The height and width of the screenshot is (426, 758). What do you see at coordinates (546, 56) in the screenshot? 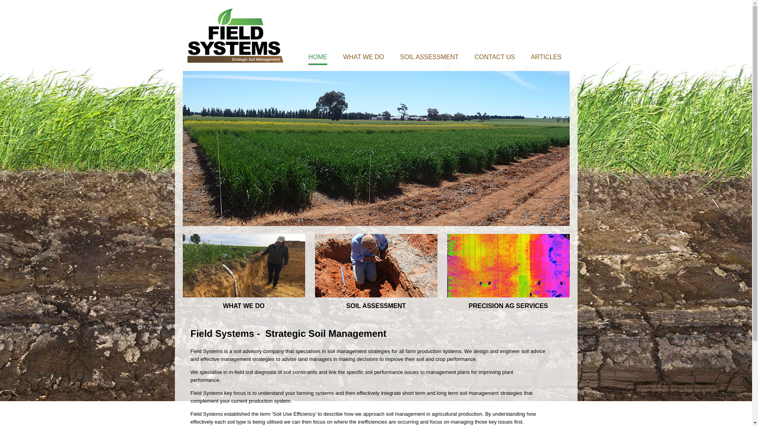
I see `'ARTICLES'` at bounding box center [546, 56].